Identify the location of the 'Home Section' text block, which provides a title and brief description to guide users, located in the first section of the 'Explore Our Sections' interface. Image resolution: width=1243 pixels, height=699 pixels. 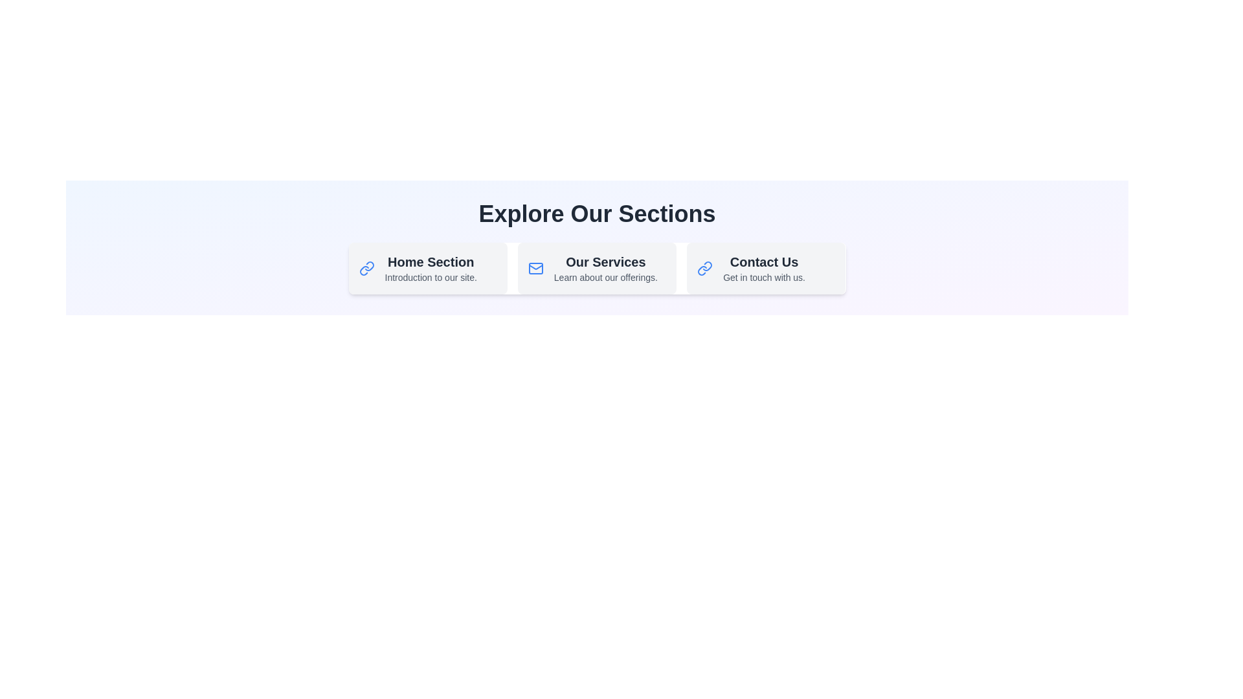
(431, 268).